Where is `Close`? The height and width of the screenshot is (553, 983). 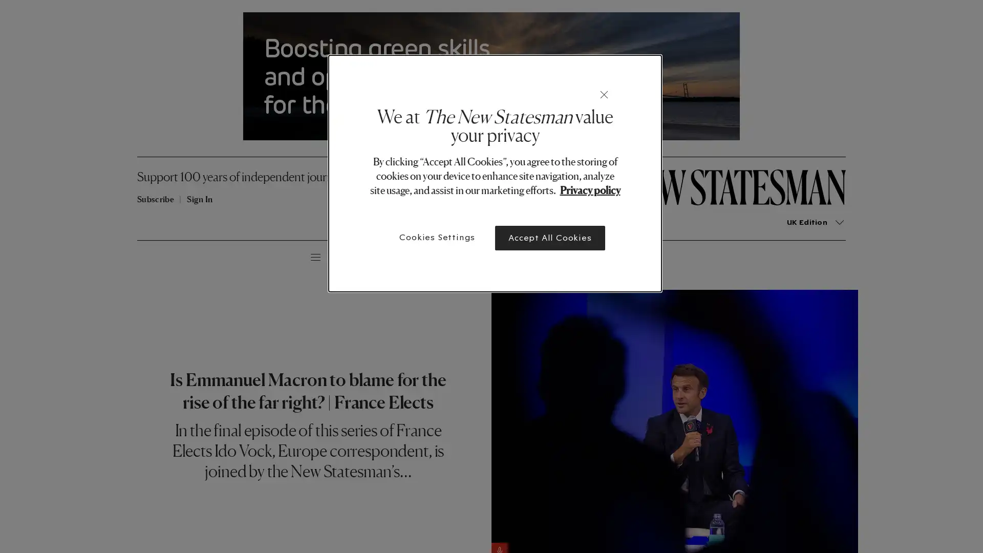
Close is located at coordinates (604, 95).